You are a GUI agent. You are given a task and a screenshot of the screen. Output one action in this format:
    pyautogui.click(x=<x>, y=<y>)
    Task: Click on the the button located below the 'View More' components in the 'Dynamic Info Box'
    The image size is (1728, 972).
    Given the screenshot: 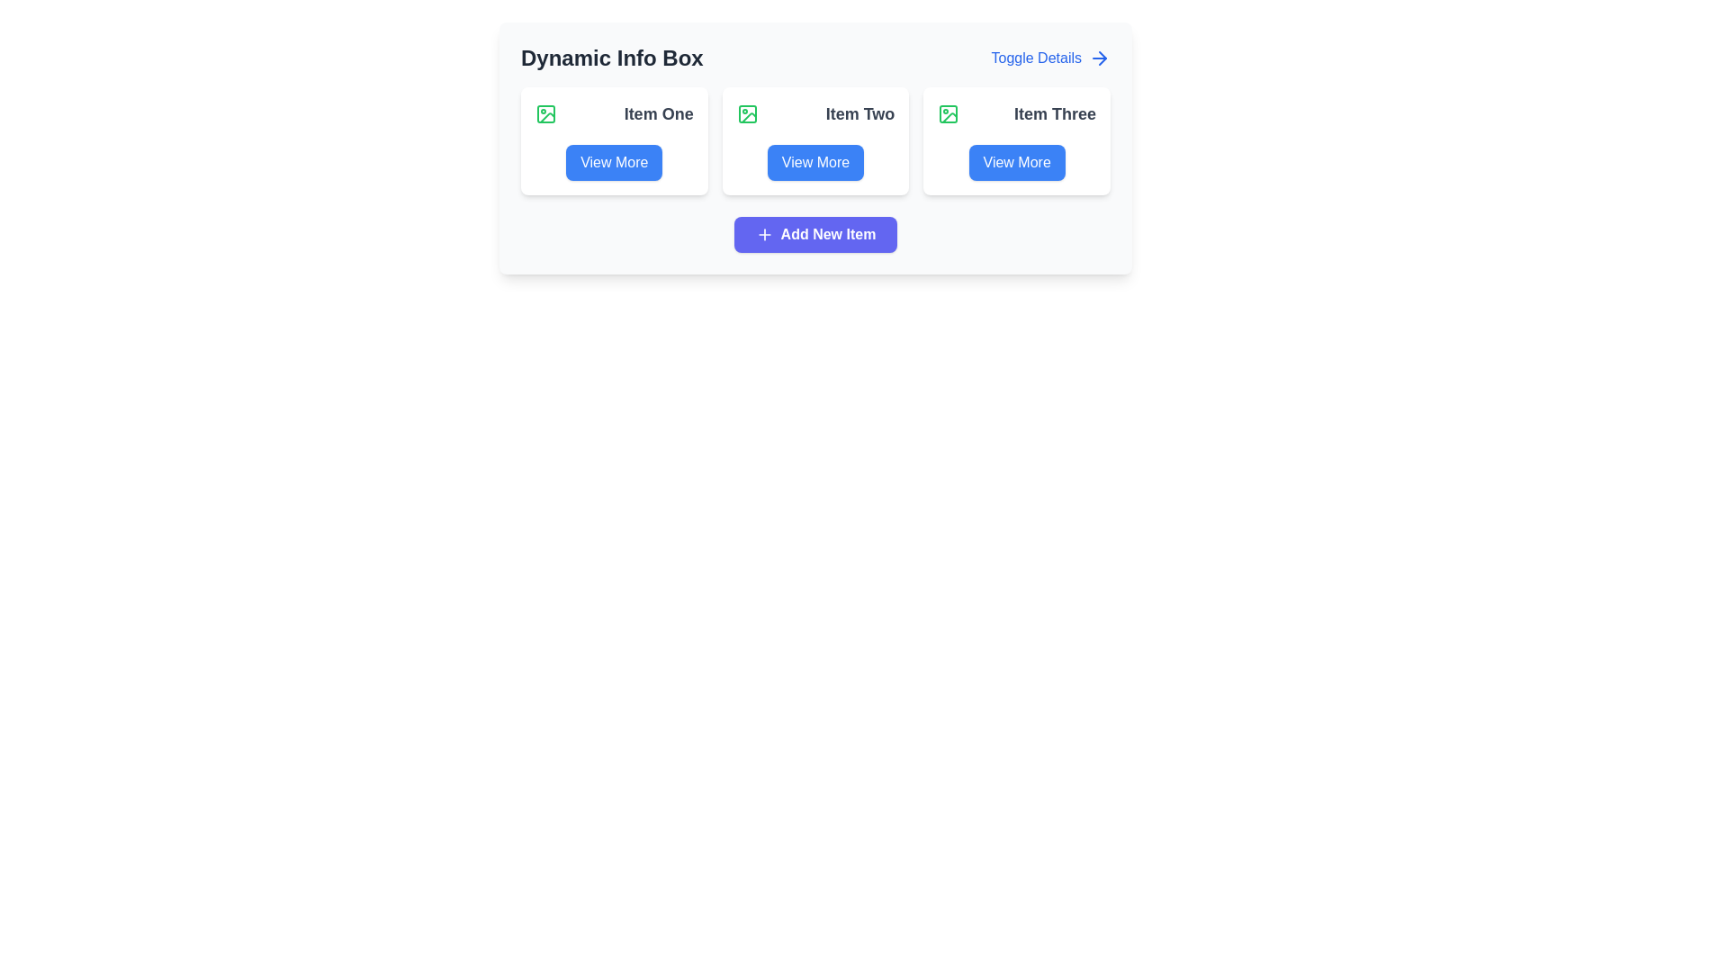 What is the action you would take?
    pyautogui.click(x=814, y=234)
    